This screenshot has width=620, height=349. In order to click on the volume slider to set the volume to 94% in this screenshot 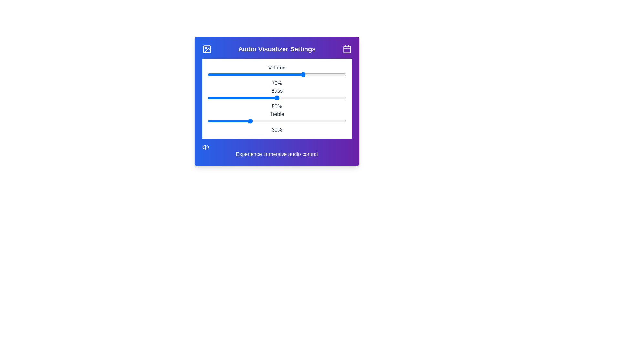, I will do `click(337, 74)`.